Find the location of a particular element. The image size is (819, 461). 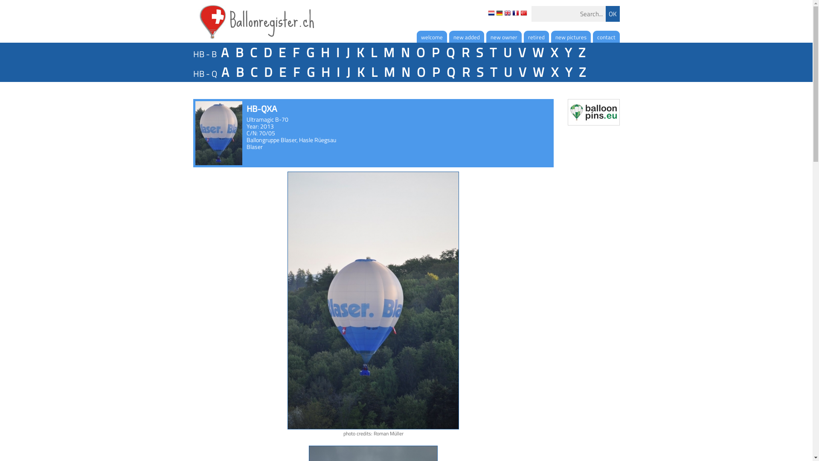

'H' is located at coordinates (325, 72).